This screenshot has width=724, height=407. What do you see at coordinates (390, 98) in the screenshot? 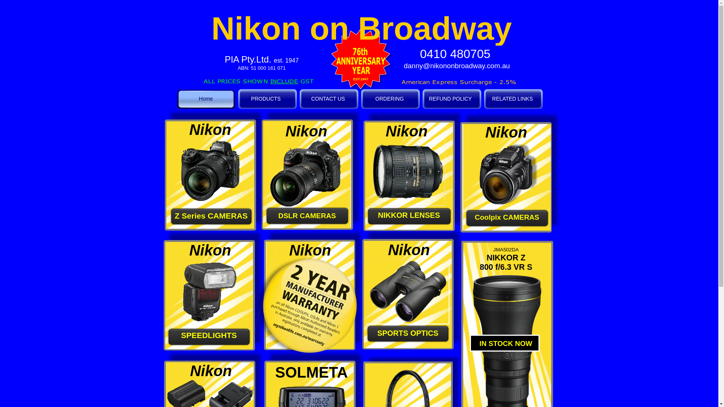
I see `'ORDERING '` at bounding box center [390, 98].